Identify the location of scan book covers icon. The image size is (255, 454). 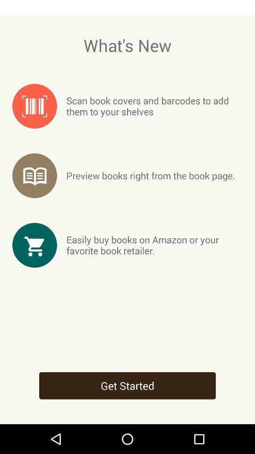
(154, 106).